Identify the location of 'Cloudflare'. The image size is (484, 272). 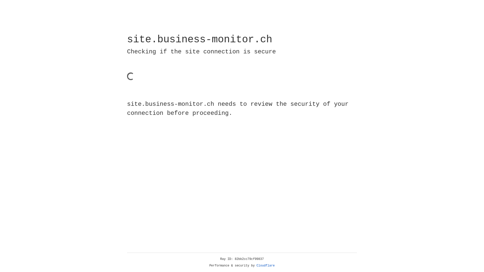
(256, 265).